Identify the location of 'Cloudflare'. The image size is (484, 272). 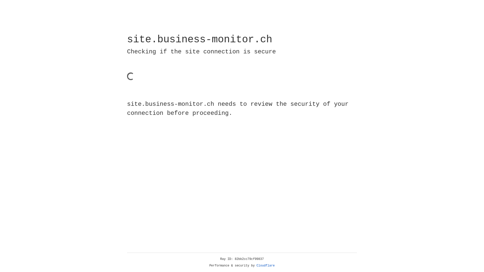
(256, 265).